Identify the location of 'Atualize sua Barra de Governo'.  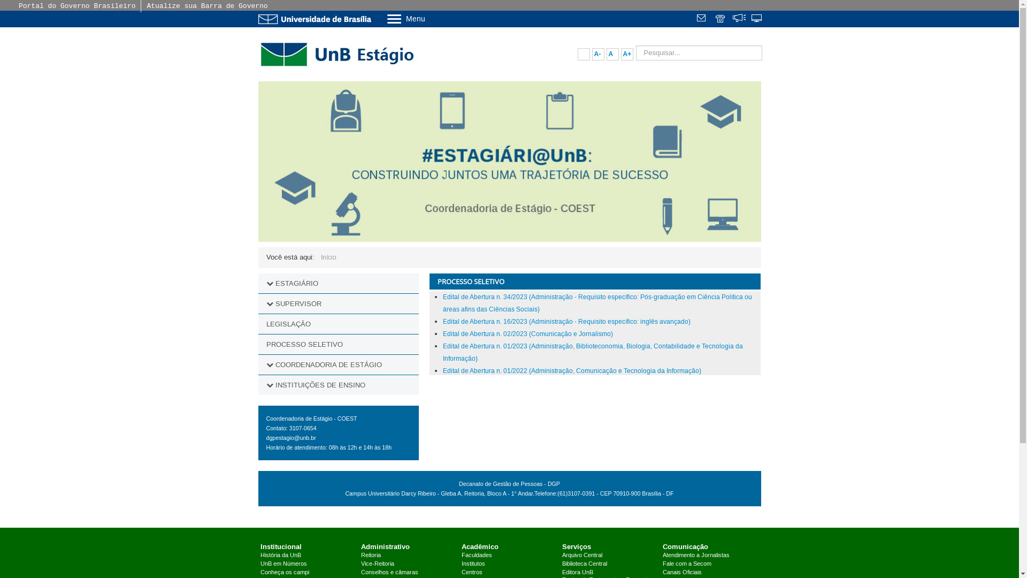
(207, 6).